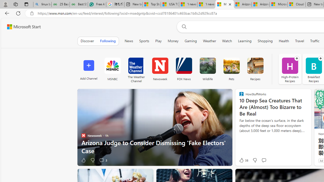 The width and height of the screenshot is (324, 182). I want to click on 'Best SSL Certificates Provider in India - GeeksforGeeks', so click(78, 4).